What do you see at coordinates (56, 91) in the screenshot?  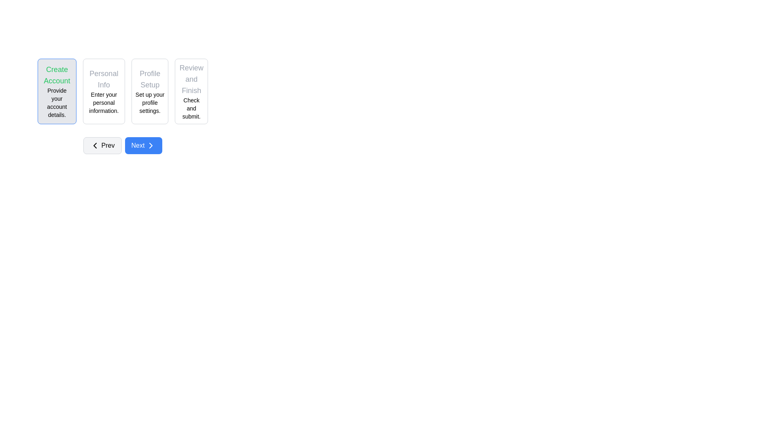 I see `the static text component labeled 'Create Account' within the step indicator module, which includes a subtext 'Provide your account details.'` at bounding box center [56, 91].